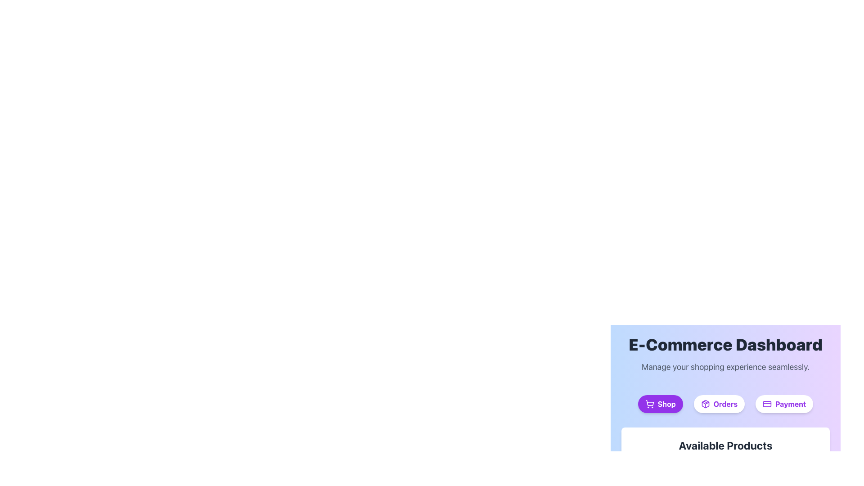  What do you see at coordinates (660, 404) in the screenshot?
I see `the first button in the horizontal bar below the 'E-Commerce Dashboard' heading` at bounding box center [660, 404].